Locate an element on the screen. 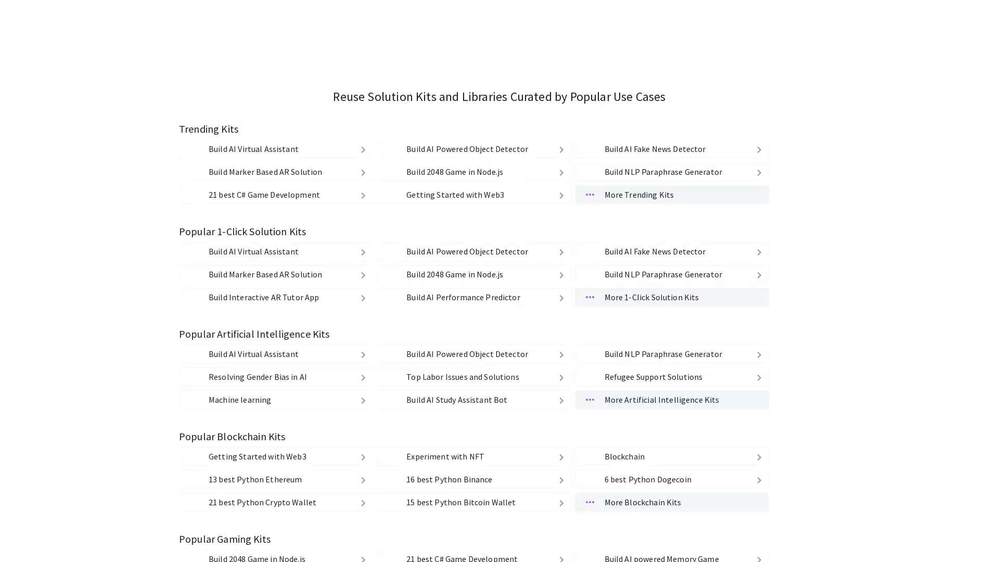 The height and width of the screenshot is (562, 999). spotting-fake-news Build AI Fake News Detector is located at coordinates (671, 512).